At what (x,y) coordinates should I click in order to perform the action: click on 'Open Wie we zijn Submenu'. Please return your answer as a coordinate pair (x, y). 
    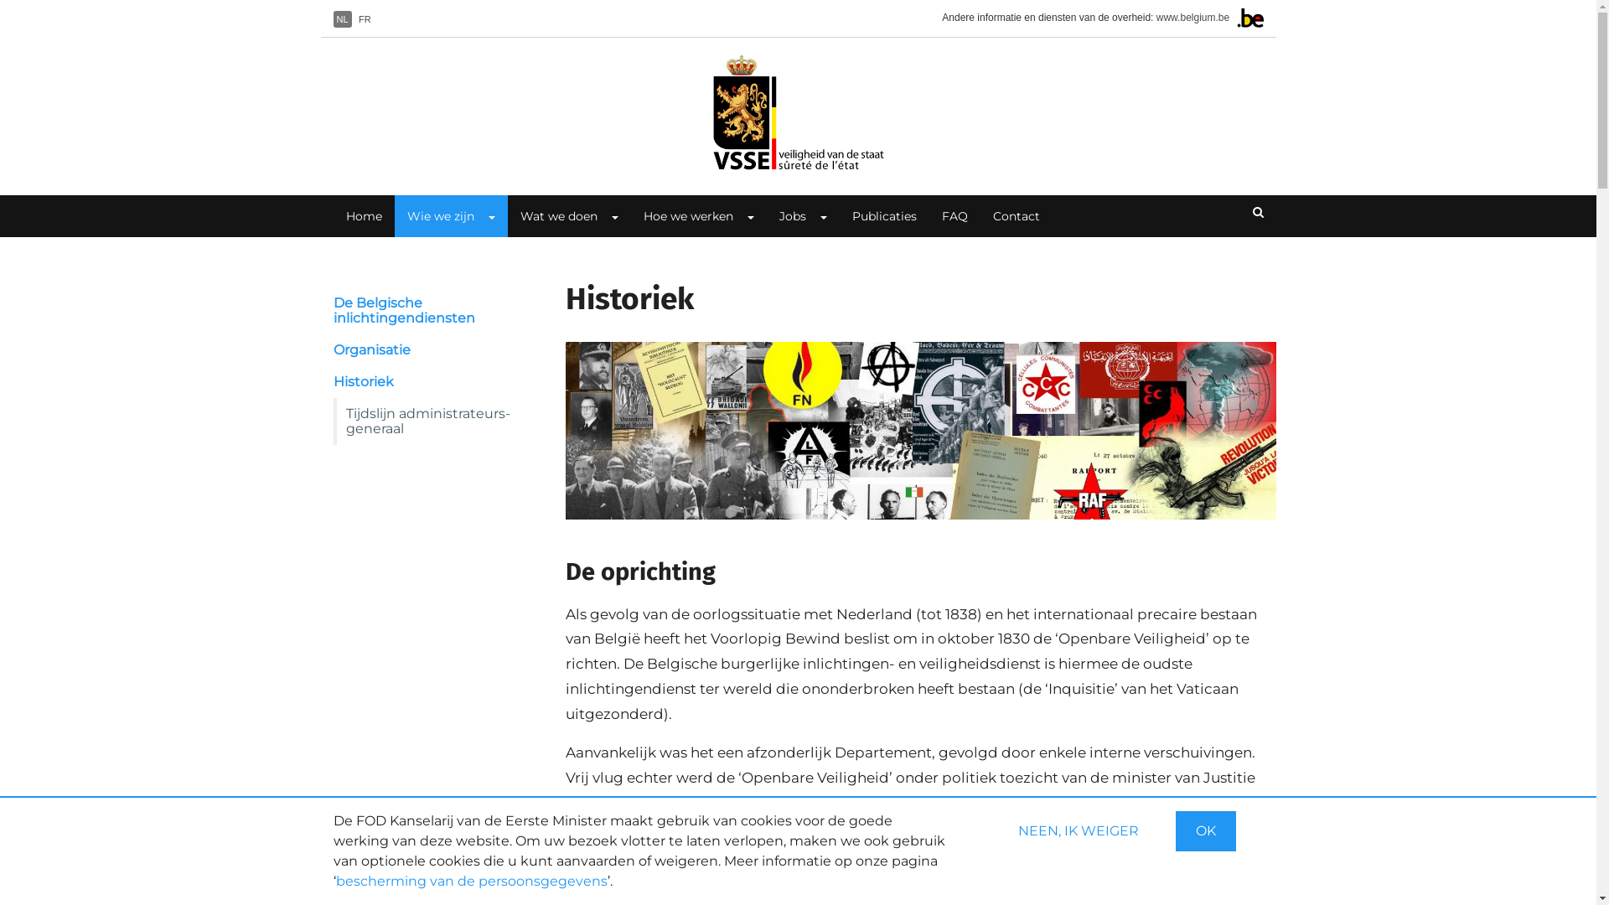
    Looking at the image, I should click on (489, 215).